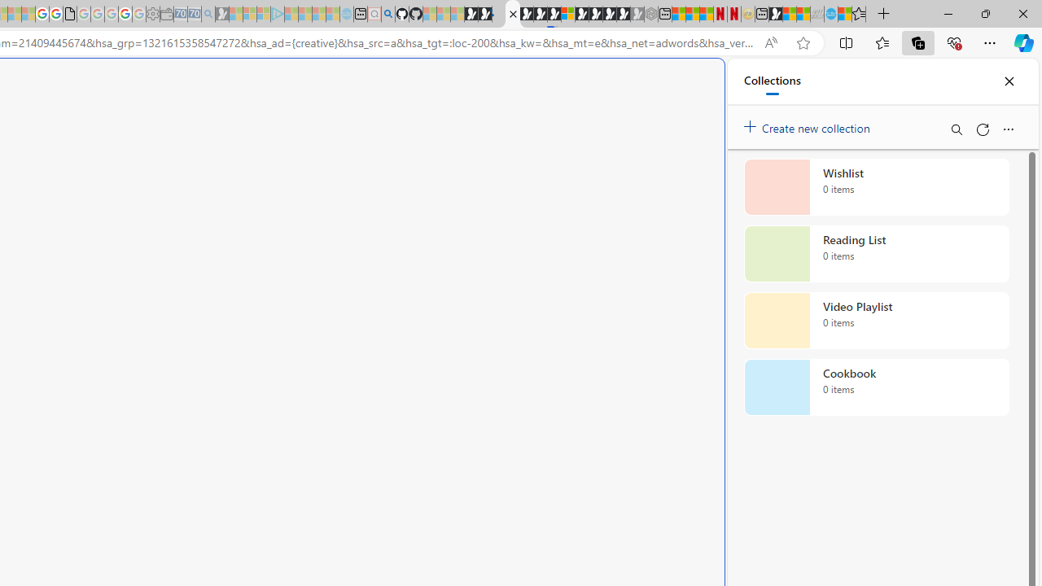 Image resolution: width=1042 pixels, height=586 pixels. I want to click on 'More options menu', so click(1007, 129).